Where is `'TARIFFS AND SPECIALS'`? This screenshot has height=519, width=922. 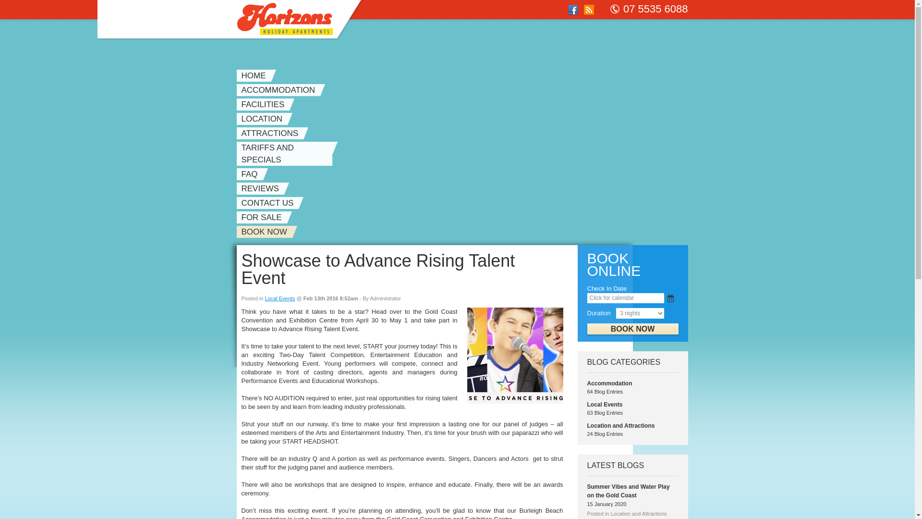
'TARIFFS AND SPECIALS' is located at coordinates (286, 153).